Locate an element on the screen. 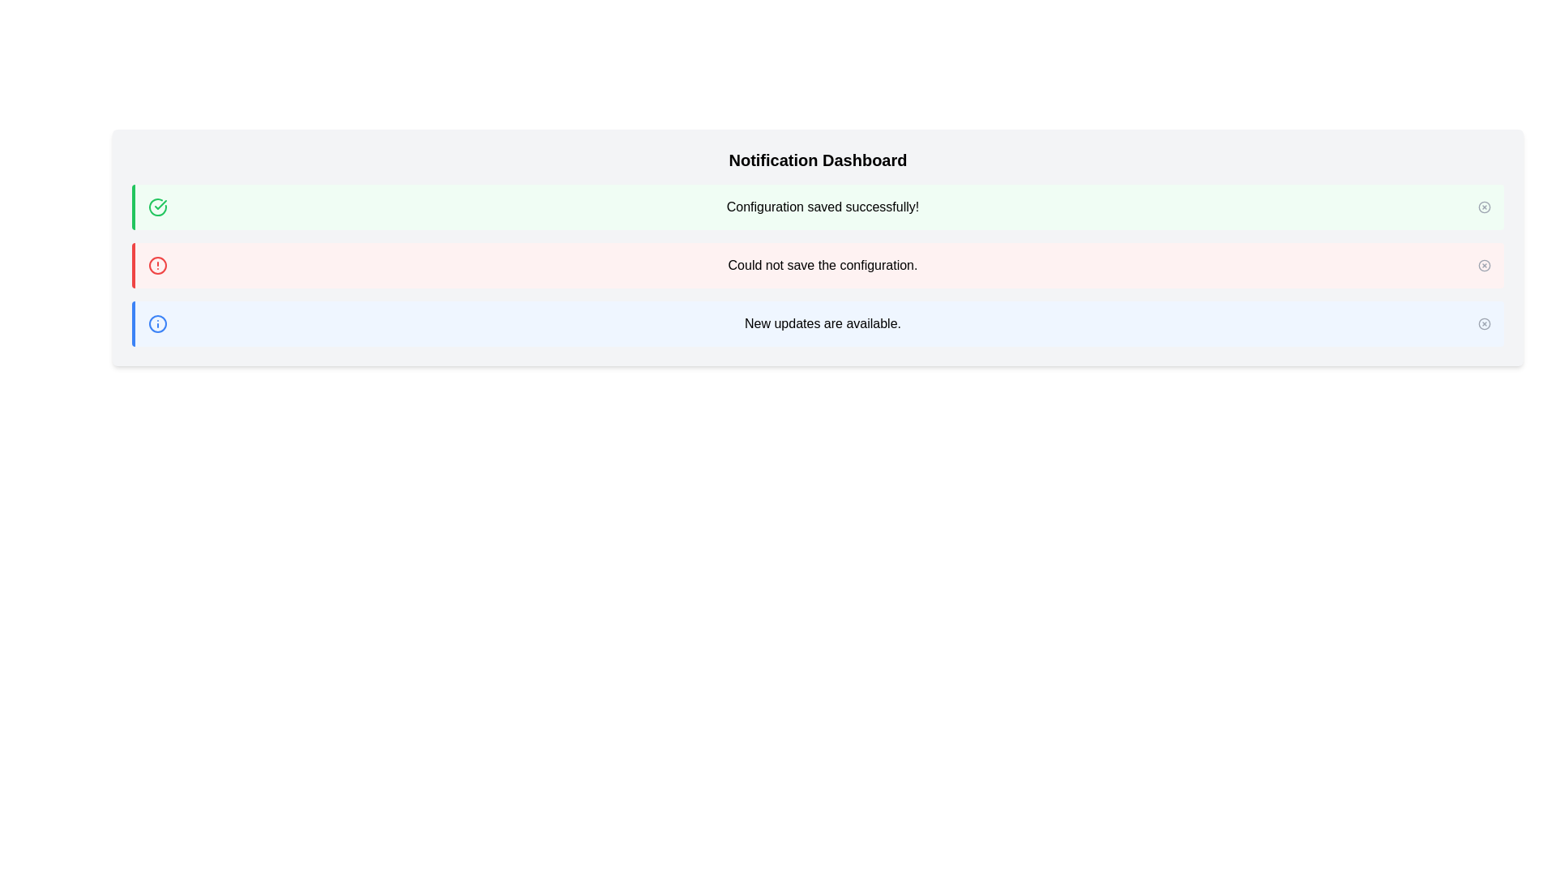 This screenshot has width=1556, height=875. message displayed in the text block that shows 'New updates are available.' styled in blue color, located in the notification bar at the bottom of the notification section is located at coordinates (823, 324).